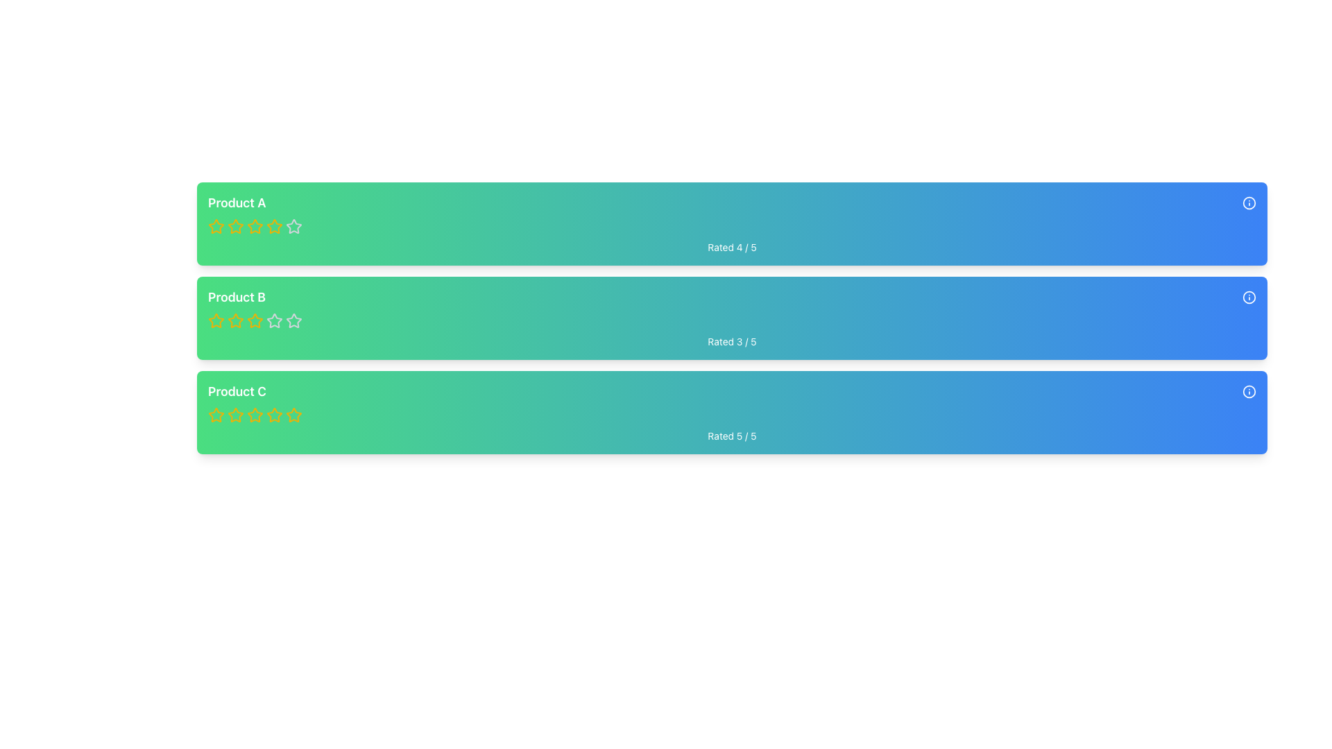  I want to click on the fifth star icon in the 5-star rating system located under 'Product C', the third product listed, so click(255, 414).